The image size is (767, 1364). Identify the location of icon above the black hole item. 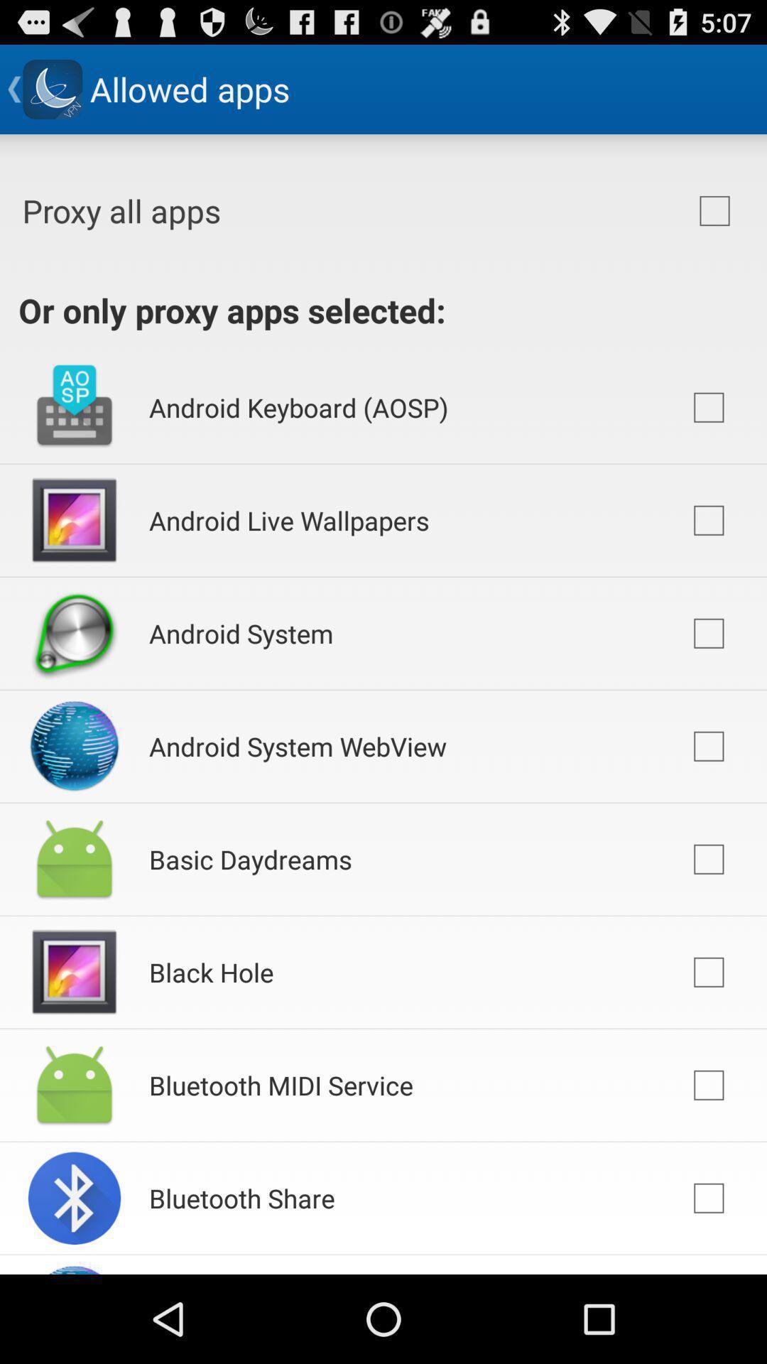
(249, 858).